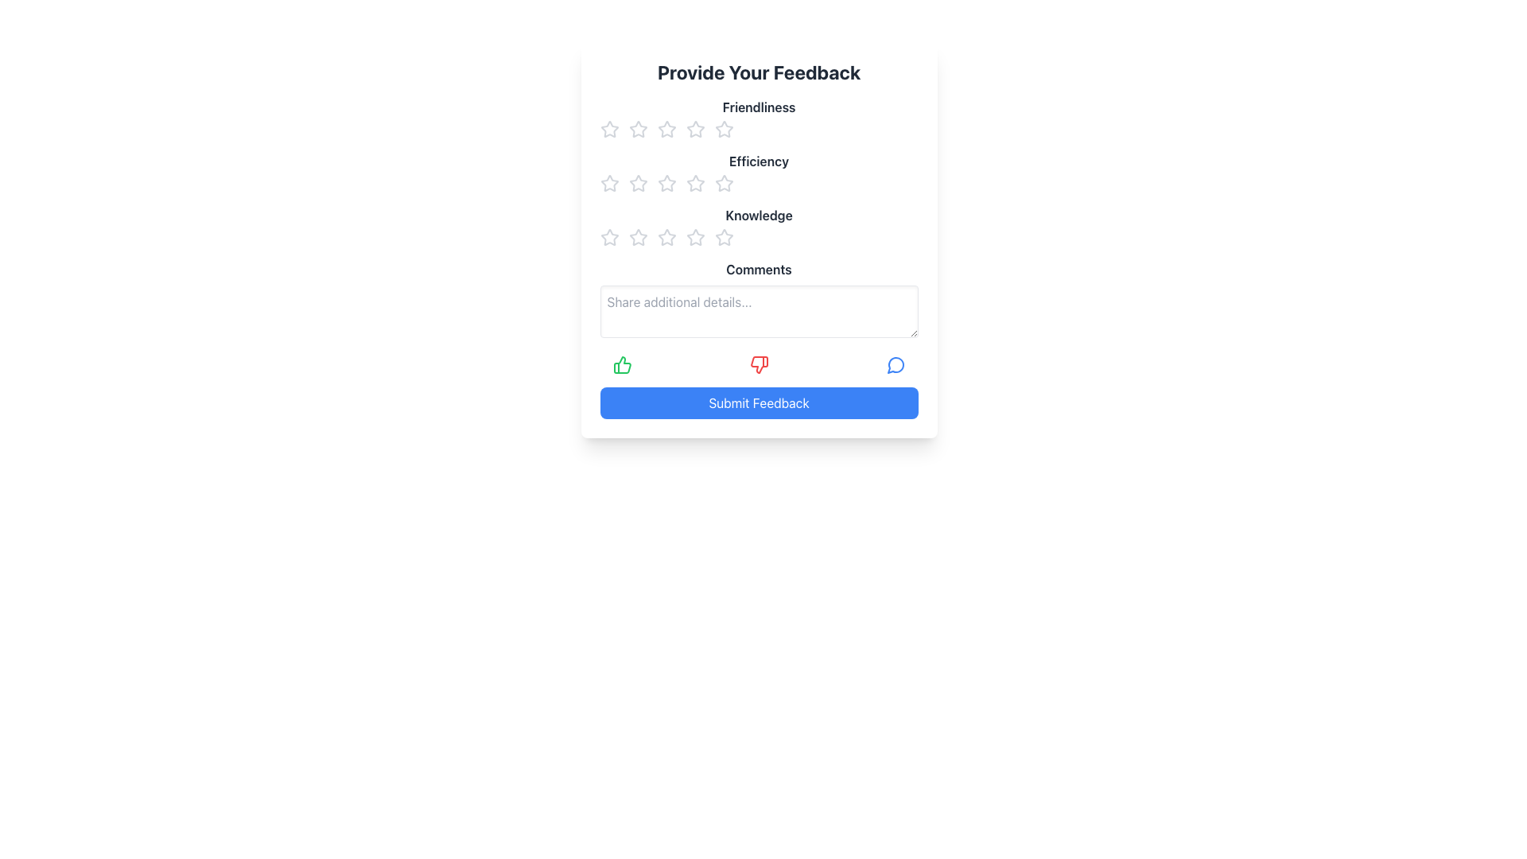 Image resolution: width=1527 pixels, height=859 pixels. I want to click on the 'Knowledge' rating label, so click(758, 227).